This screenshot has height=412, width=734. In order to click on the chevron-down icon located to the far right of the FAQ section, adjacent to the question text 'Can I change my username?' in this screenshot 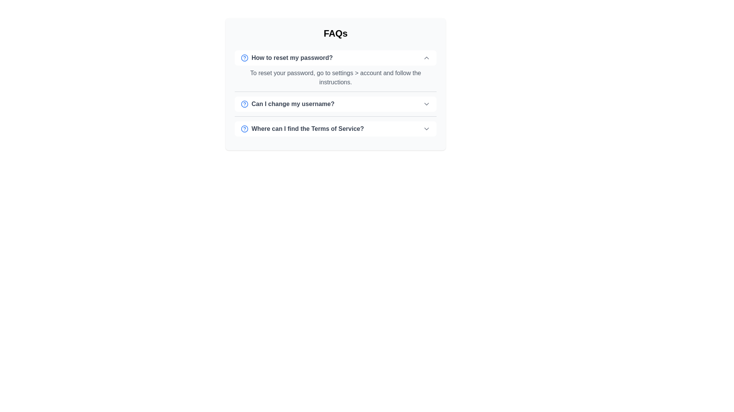, I will do `click(426, 104)`.